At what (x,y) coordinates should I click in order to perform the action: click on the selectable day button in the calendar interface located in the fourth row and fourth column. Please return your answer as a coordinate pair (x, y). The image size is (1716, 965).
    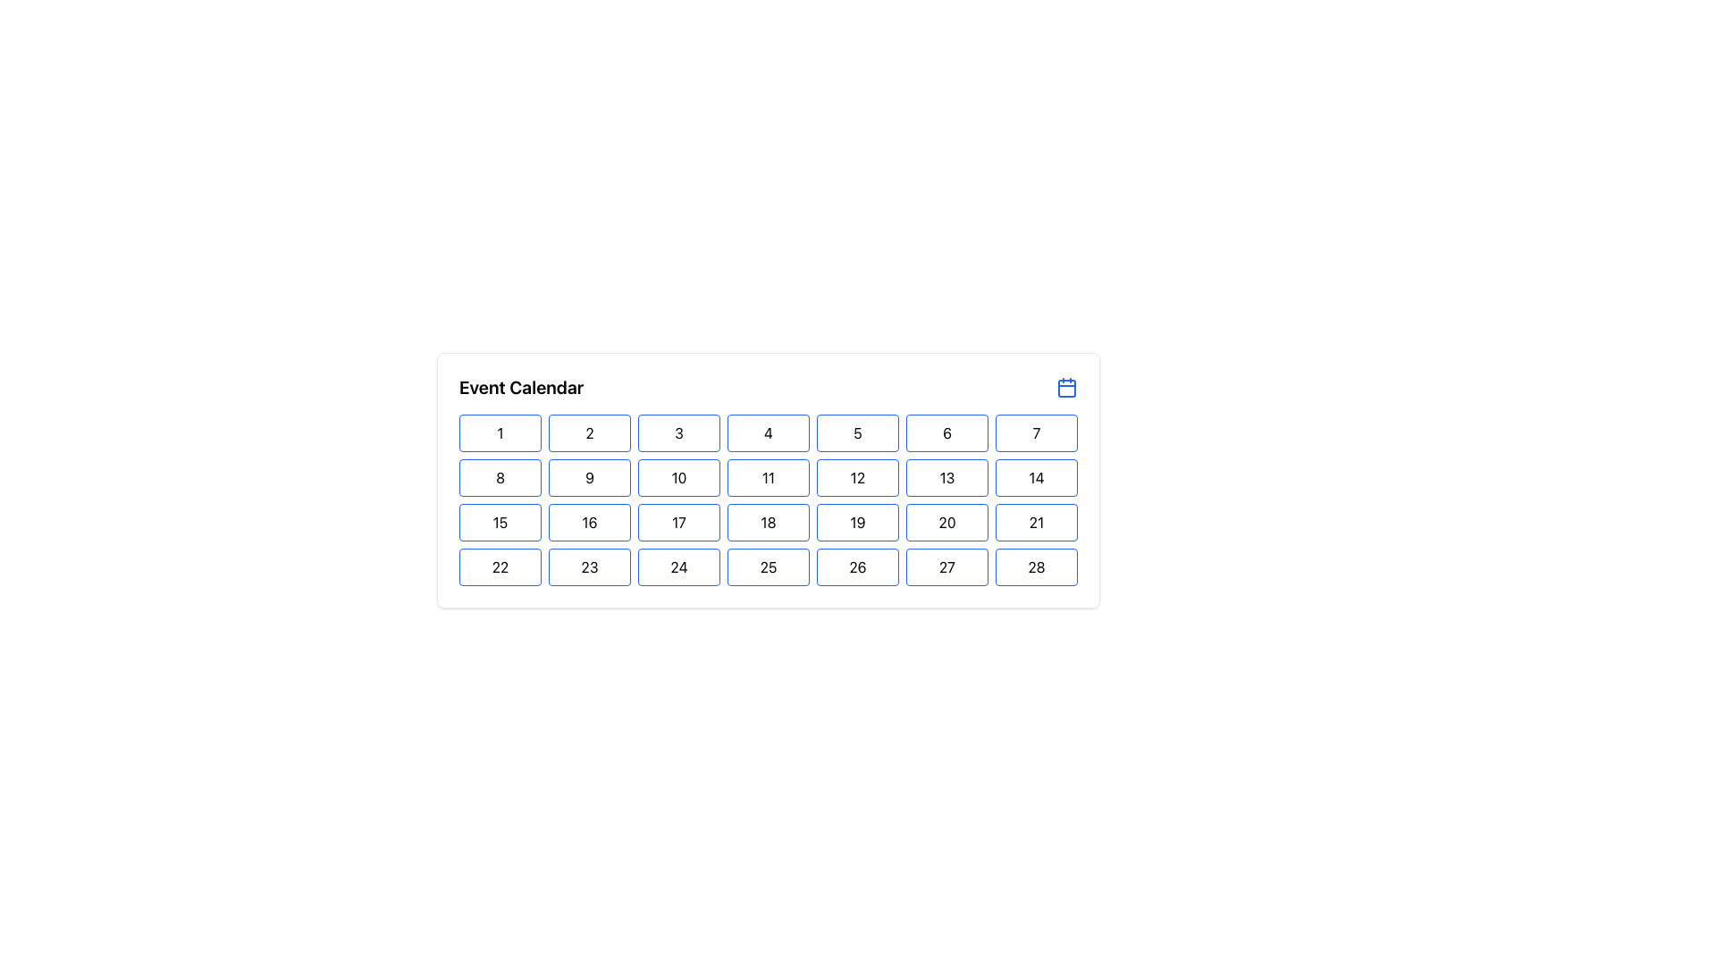
    Looking at the image, I should click on (677, 567).